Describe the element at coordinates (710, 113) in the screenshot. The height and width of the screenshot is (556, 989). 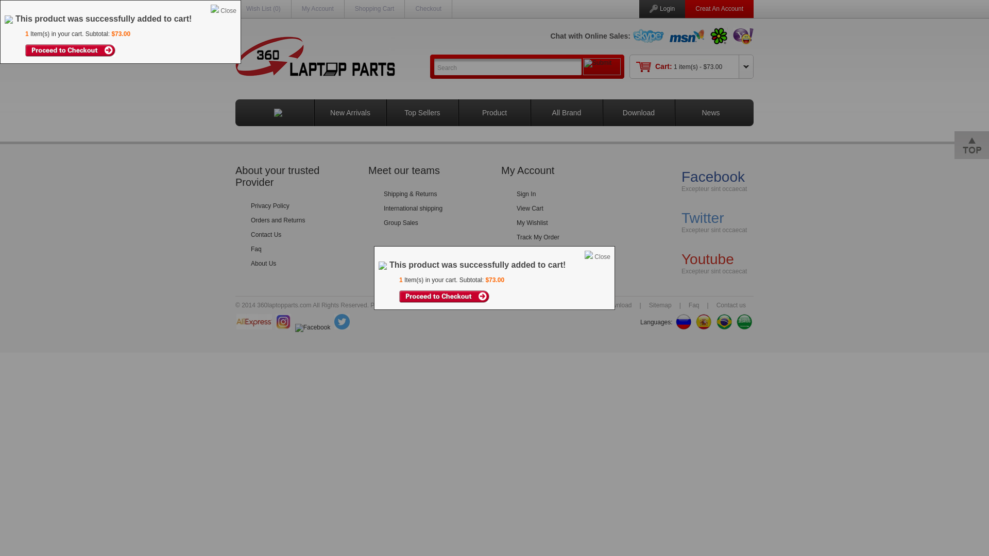
I see `'News'` at that location.